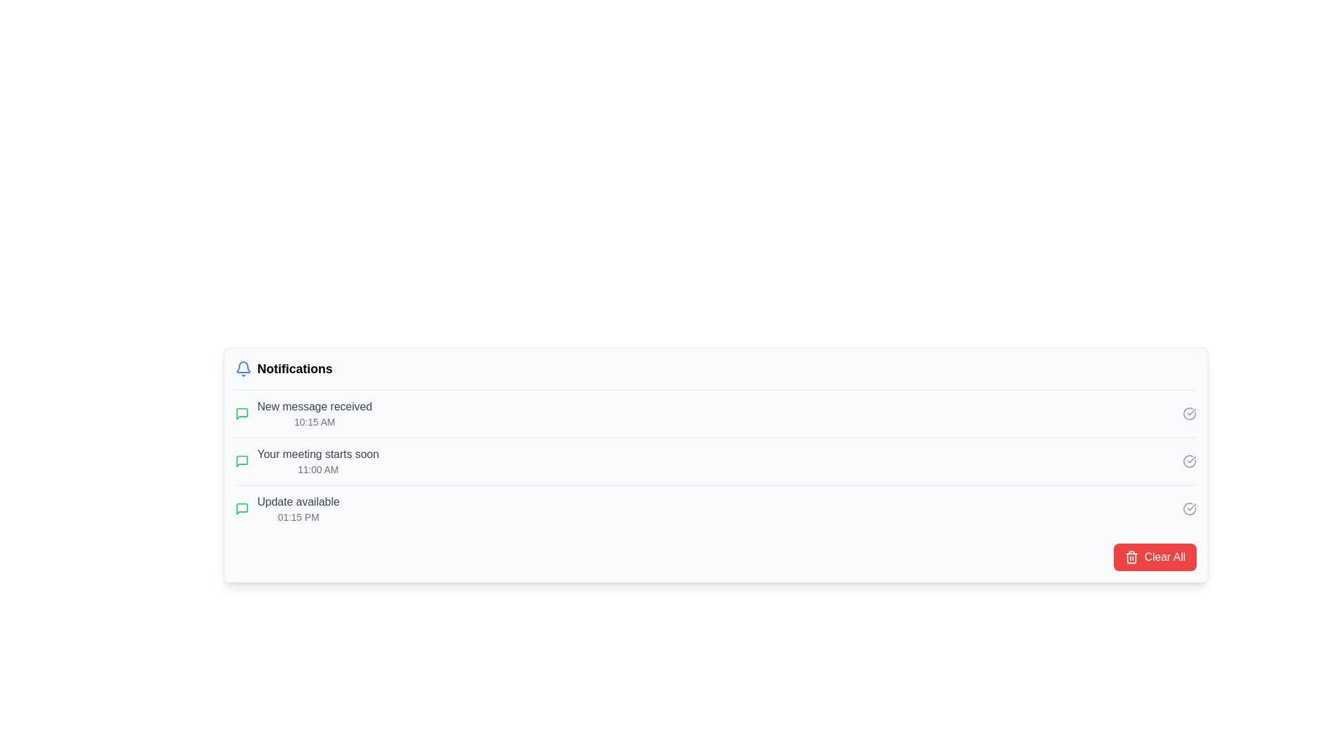 The width and height of the screenshot is (1325, 745). What do you see at coordinates (1164, 556) in the screenshot?
I see `the 'Clear All' button, which has white text on a red background and is located in the bottom-right corner of the notification panel, to clear all notifications` at bounding box center [1164, 556].